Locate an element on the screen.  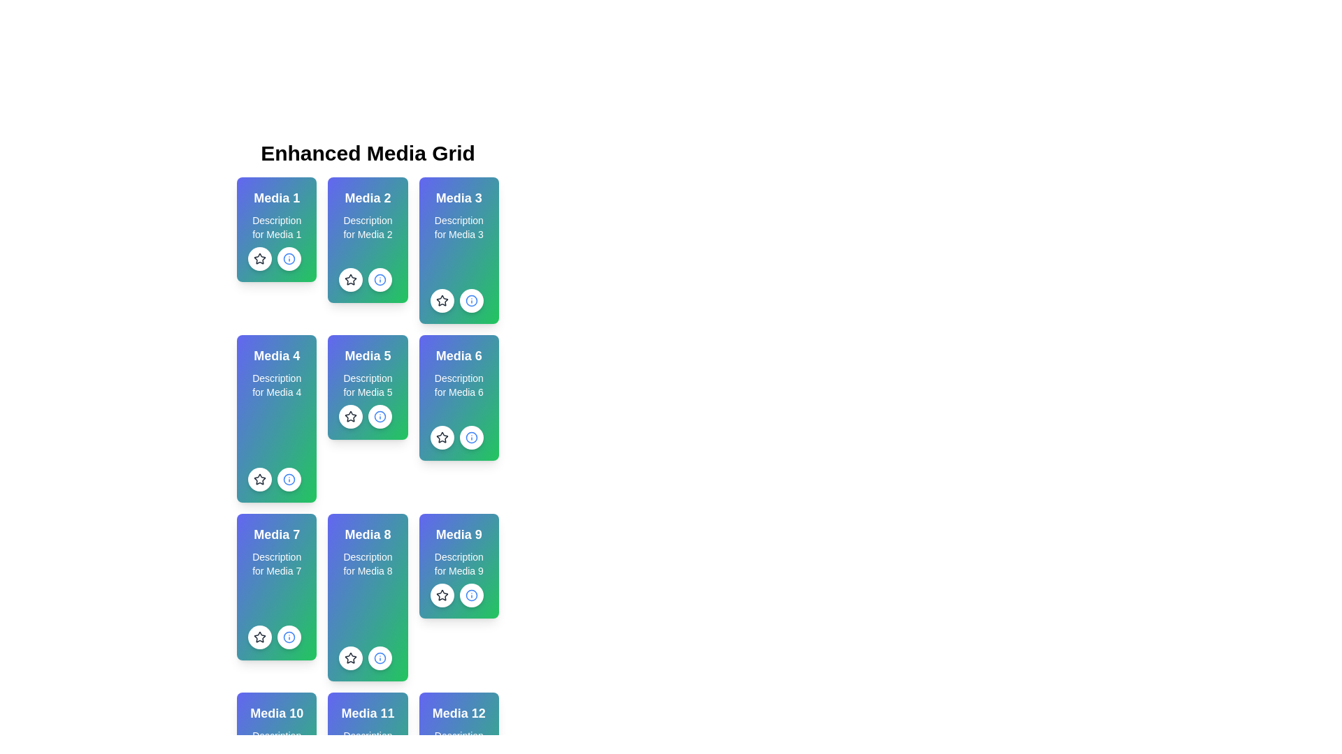
the decorative or informational icon located at the bottom right corner of the 'Media 5' card in the second row of the grid is located at coordinates (380, 280).